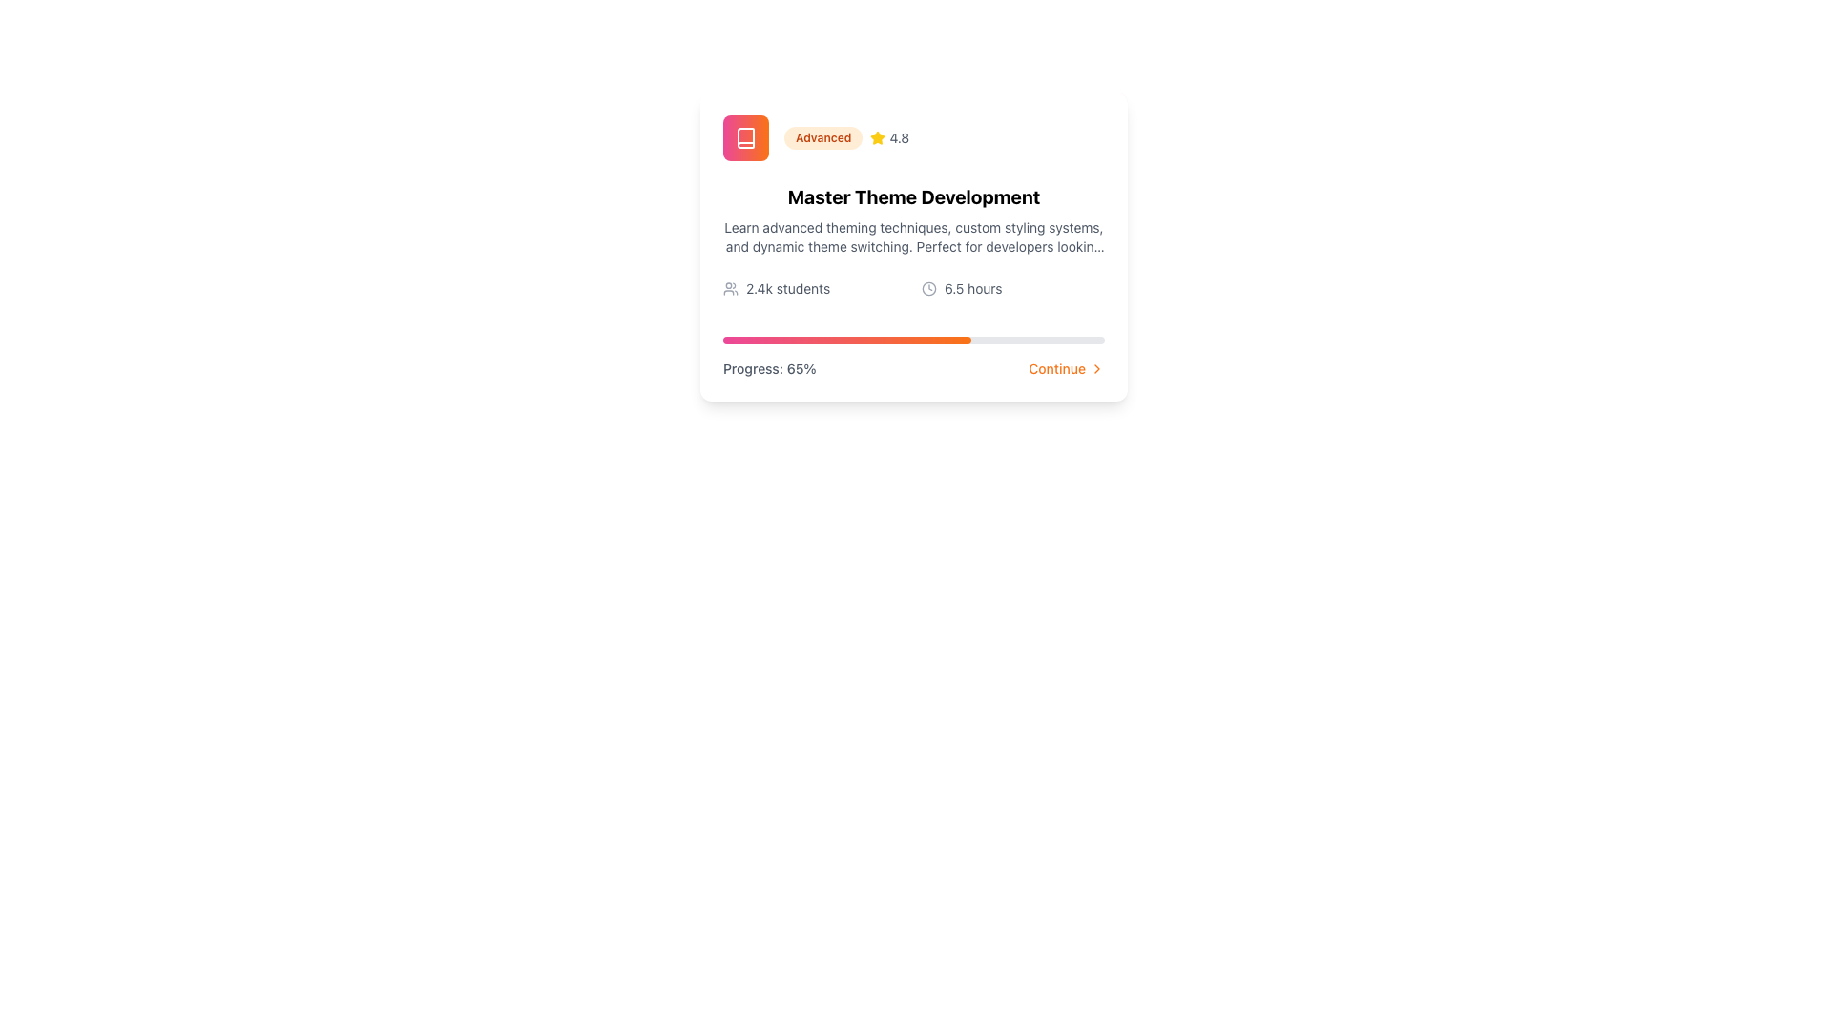 This screenshot has width=1832, height=1030. I want to click on the progress indicator element that visually represents 65% completion, located below the text 'Progress: 65%' and above the 'Continue' button, so click(846, 340).